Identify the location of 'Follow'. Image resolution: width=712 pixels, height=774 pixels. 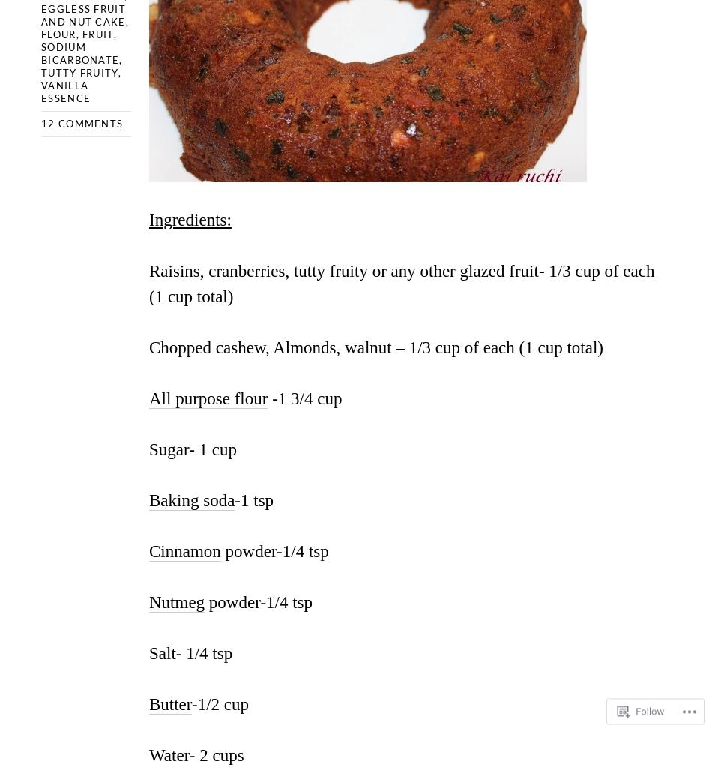
(648, 704).